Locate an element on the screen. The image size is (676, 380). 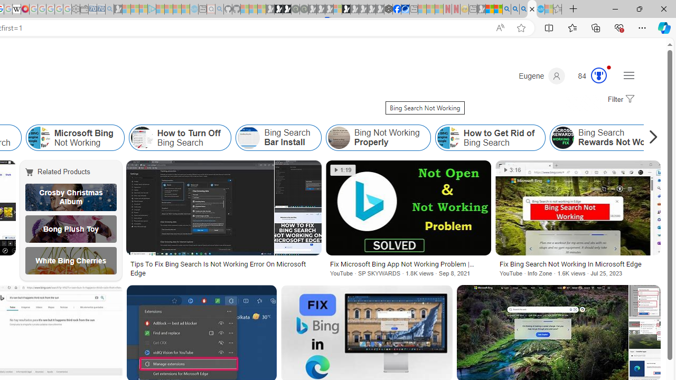
'Future Focus Report 2024 - Sleeping' is located at coordinates (303, 9).